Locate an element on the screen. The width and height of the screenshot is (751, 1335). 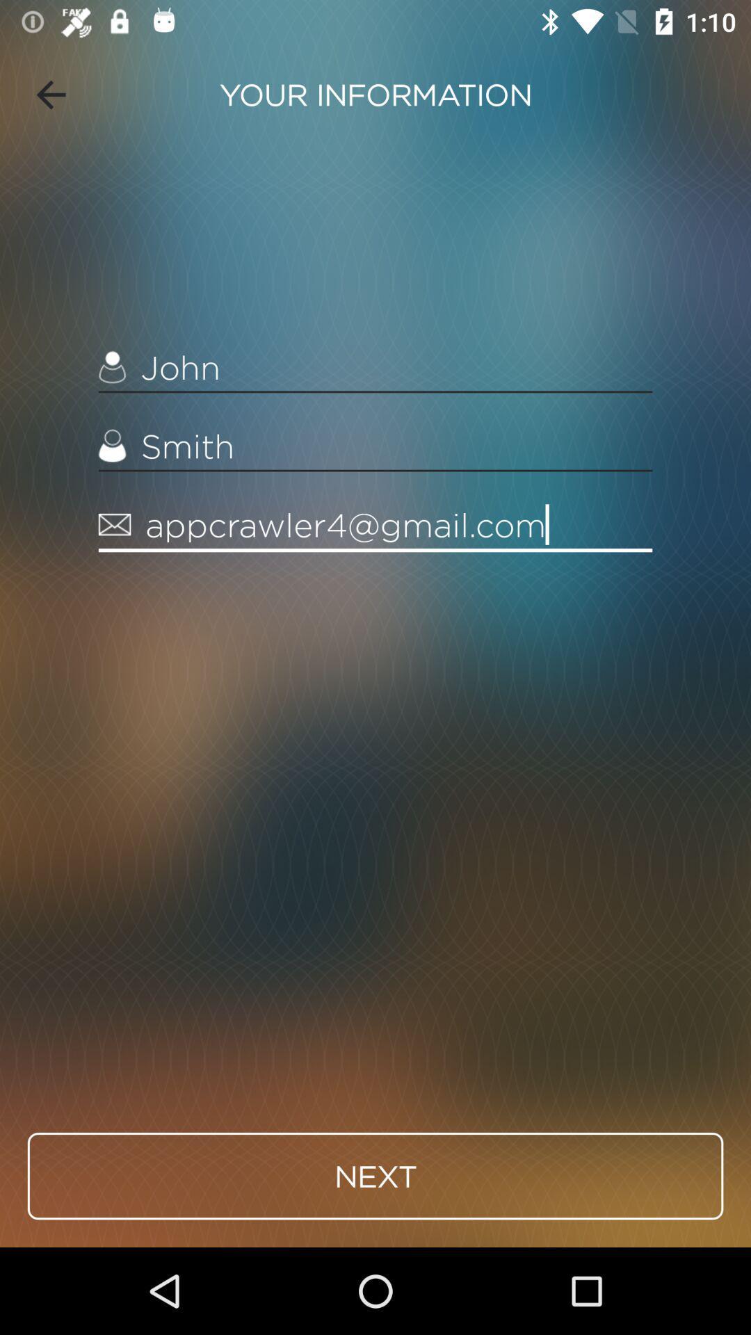
the next button is located at coordinates (375, 1175).